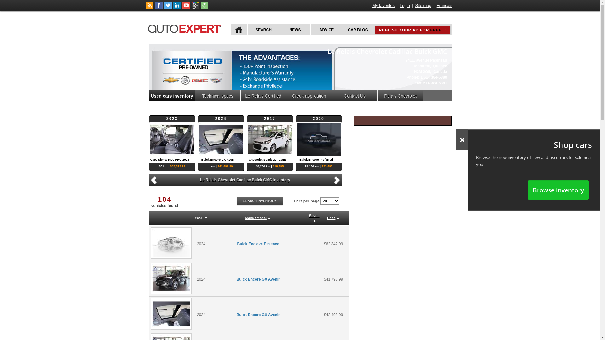 The image size is (605, 340). I want to click on 'PUBLISH YOUR AD FOR FREE  !', so click(412, 30).